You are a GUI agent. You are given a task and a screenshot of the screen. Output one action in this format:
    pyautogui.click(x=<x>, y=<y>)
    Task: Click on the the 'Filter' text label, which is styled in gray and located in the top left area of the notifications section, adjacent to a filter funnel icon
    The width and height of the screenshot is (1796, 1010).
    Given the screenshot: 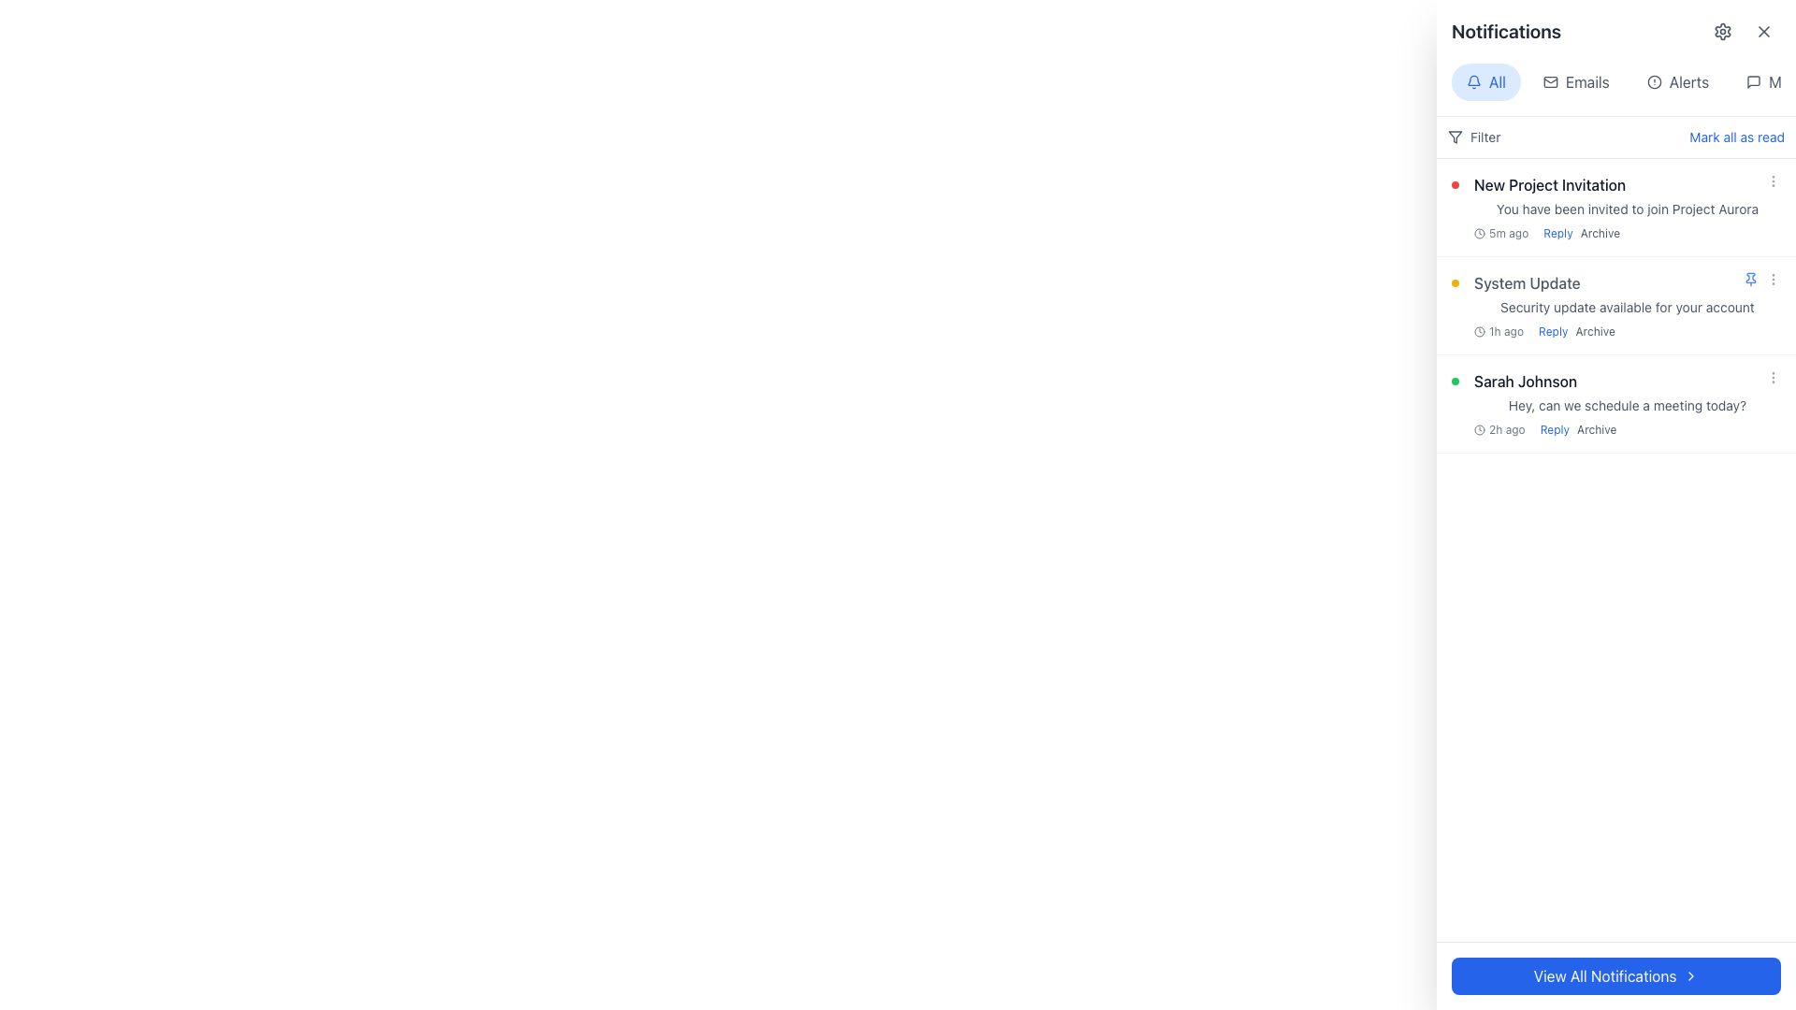 What is the action you would take?
    pyautogui.click(x=1485, y=136)
    